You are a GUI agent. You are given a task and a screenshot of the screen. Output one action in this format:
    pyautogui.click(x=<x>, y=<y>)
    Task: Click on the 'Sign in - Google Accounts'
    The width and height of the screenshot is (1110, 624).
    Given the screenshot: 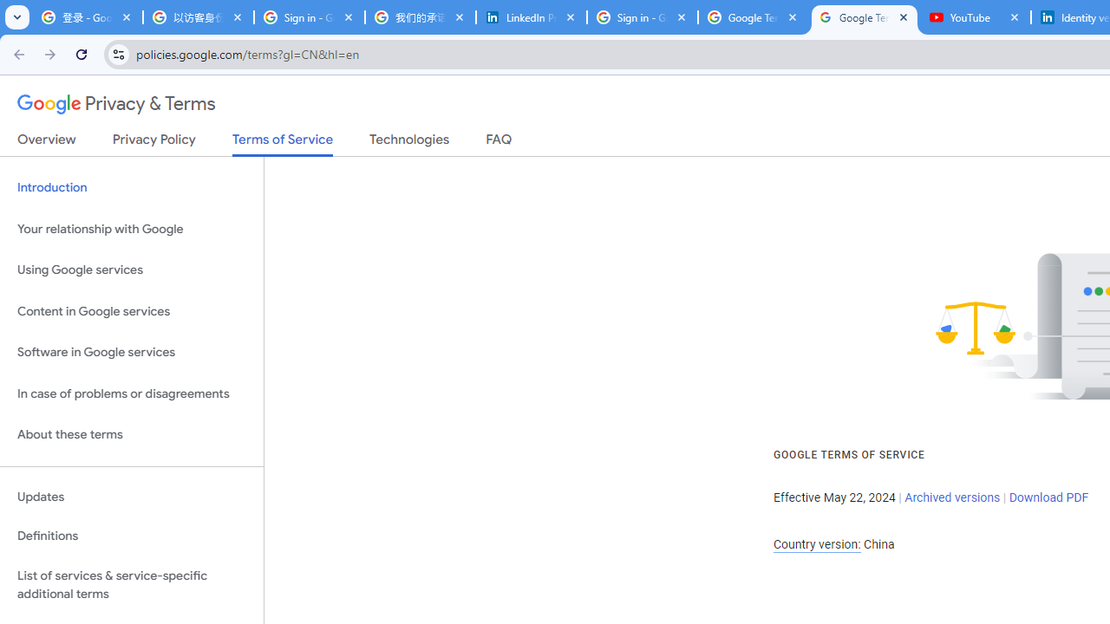 What is the action you would take?
    pyautogui.click(x=642, y=17)
    